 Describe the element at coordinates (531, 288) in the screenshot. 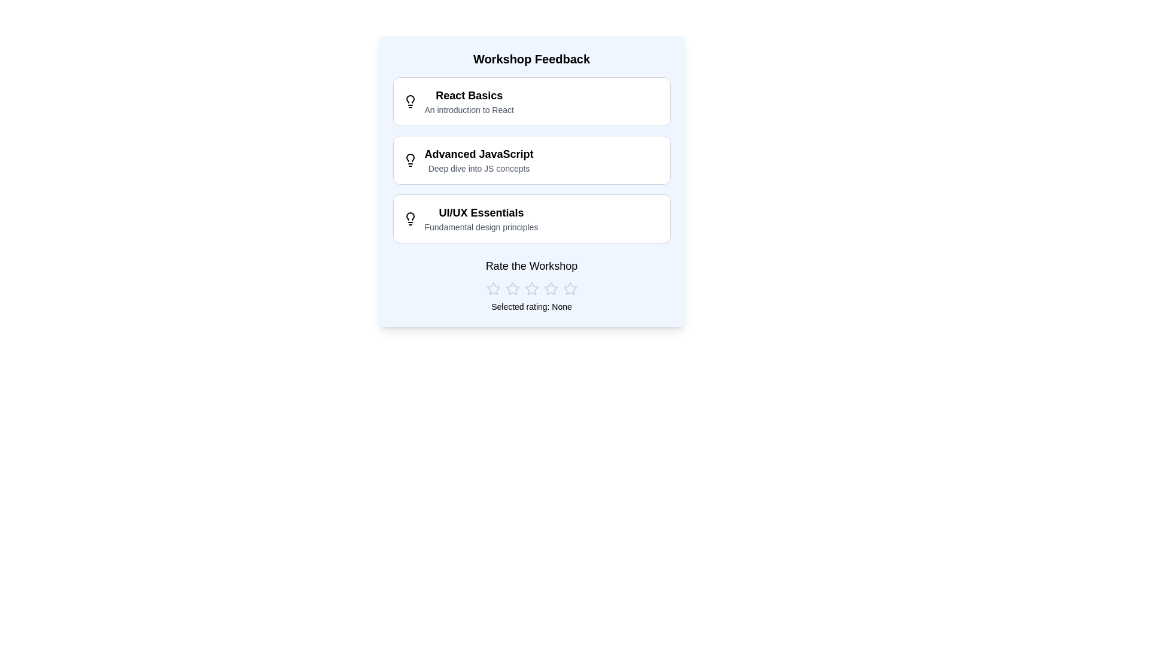

I see `one of the star icons in the Rating widget` at that location.